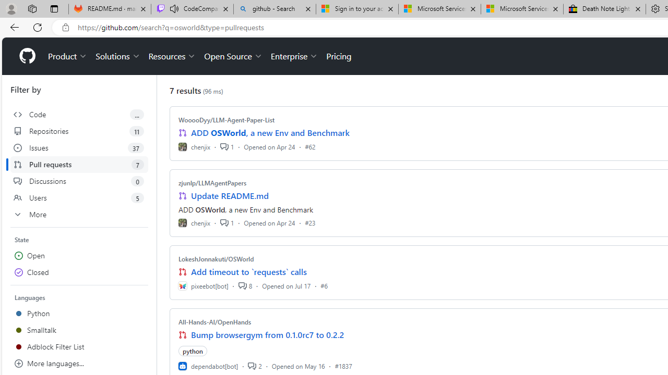  Describe the element at coordinates (232, 56) in the screenshot. I see `'Open Source'` at that location.